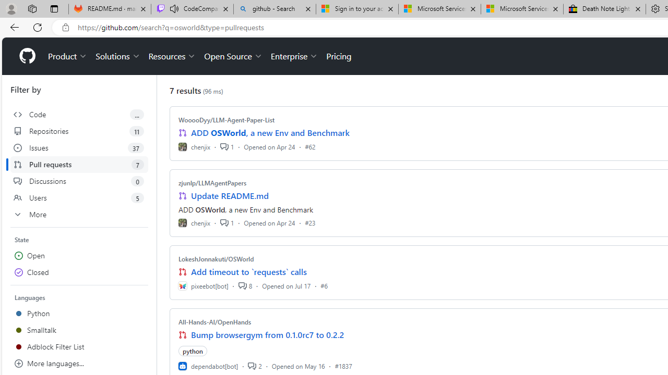  Describe the element at coordinates (232, 56) in the screenshot. I see `'Open Source'` at that location.